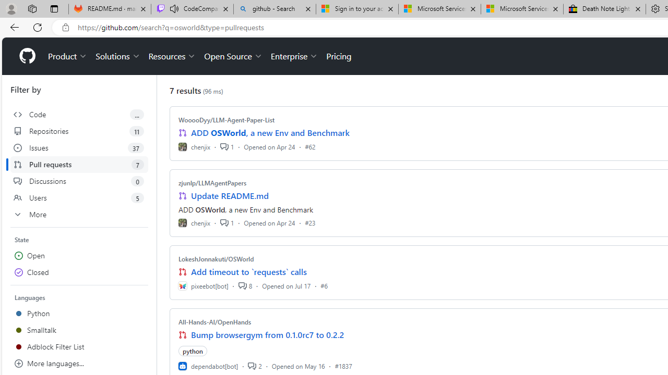  Describe the element at coordinates (232, 56) in the screenshot. I see `'Open Source'` at that location.